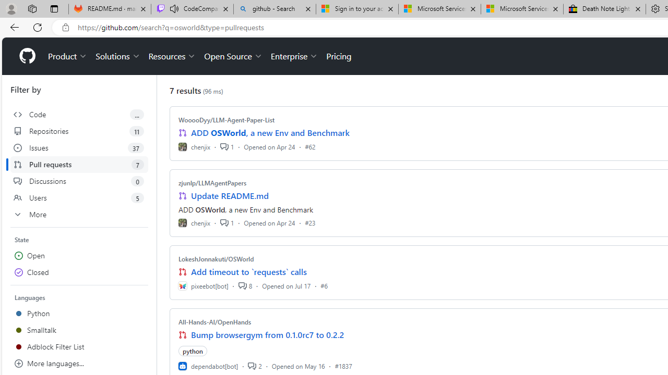  Describe the element at coordinates (232, 56) in the screenshot. I see `'Open Source'` at that location.